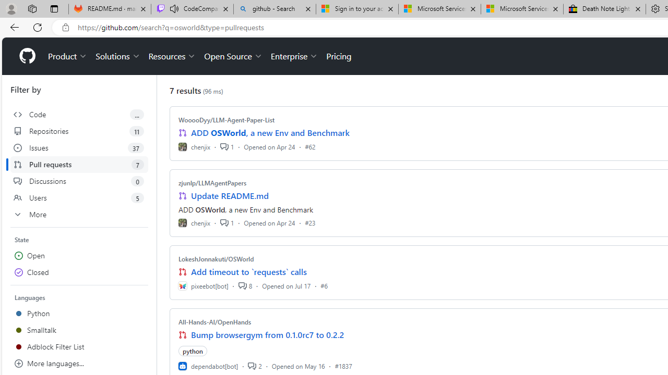  Describe the element at coordinates (232, 56) in the screenshot. I see `'Open Source'` at that location.